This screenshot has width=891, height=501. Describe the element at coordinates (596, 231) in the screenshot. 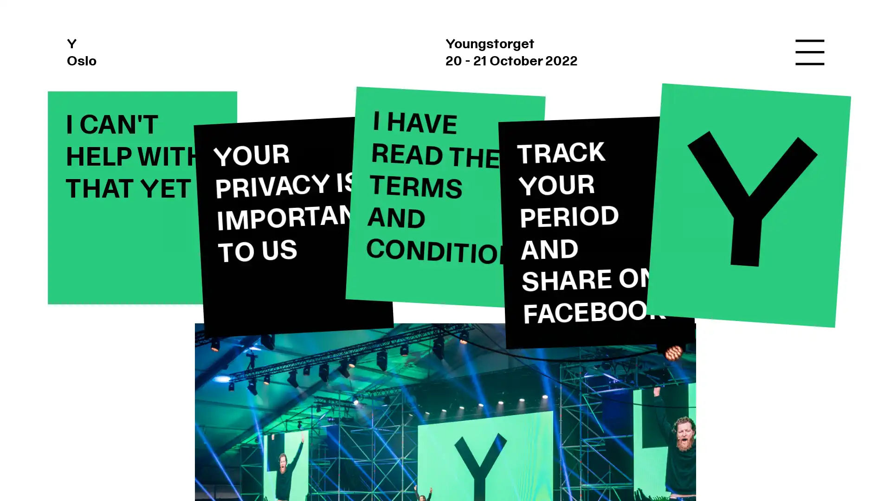

I see `TRACK YOUR PERIOD AND SHARE ON FACEBOOK` at that location.